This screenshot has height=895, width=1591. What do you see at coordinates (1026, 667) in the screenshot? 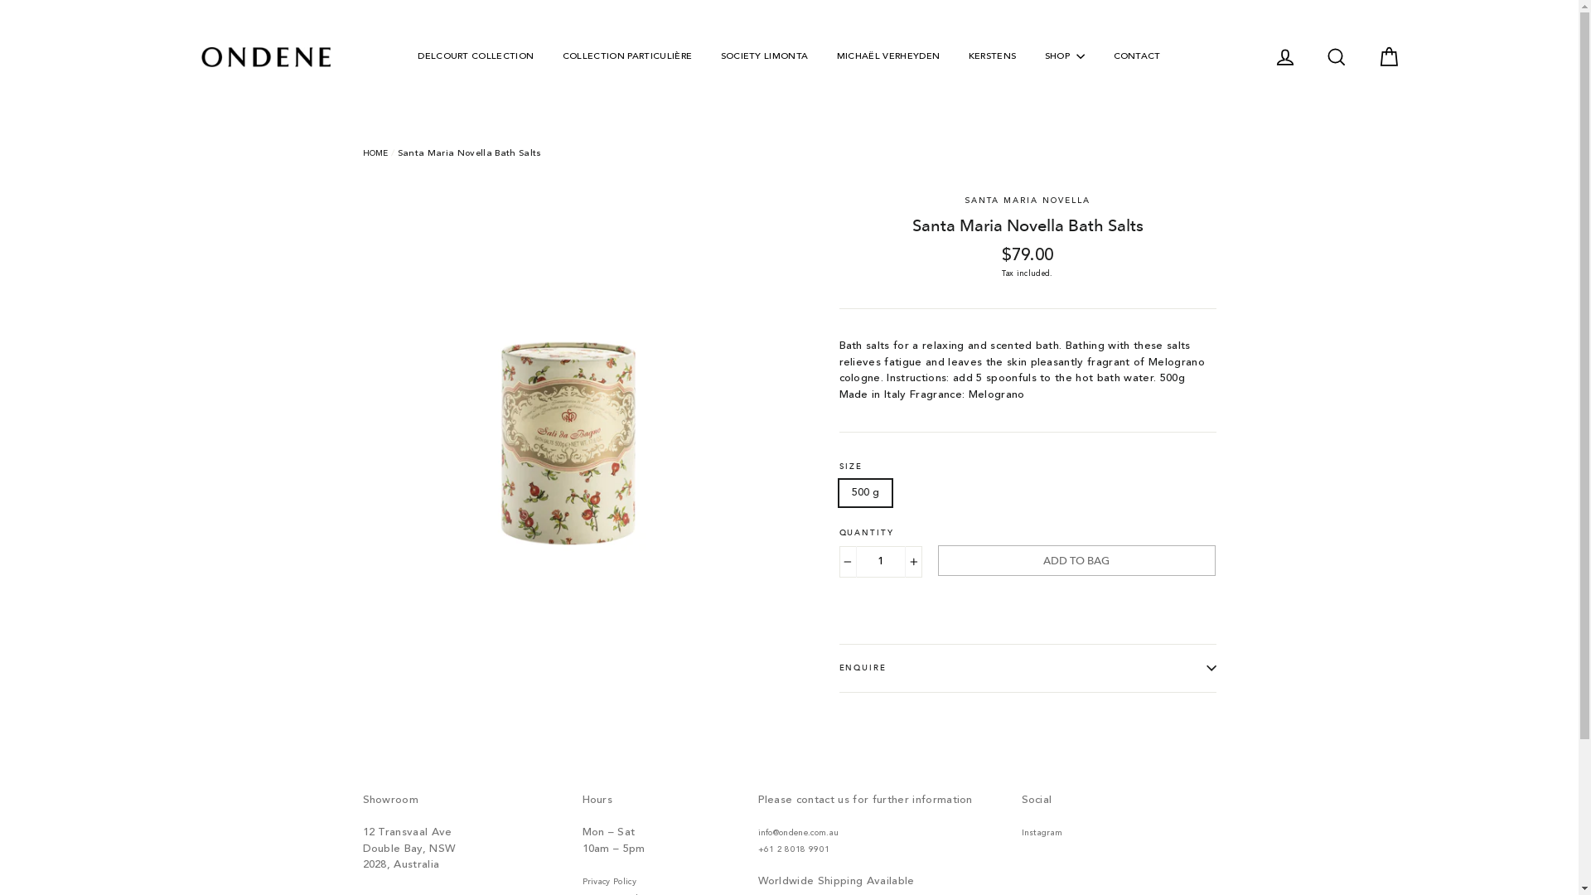
I see `'ENQUIRE'` at bounding box center [1026, 667].